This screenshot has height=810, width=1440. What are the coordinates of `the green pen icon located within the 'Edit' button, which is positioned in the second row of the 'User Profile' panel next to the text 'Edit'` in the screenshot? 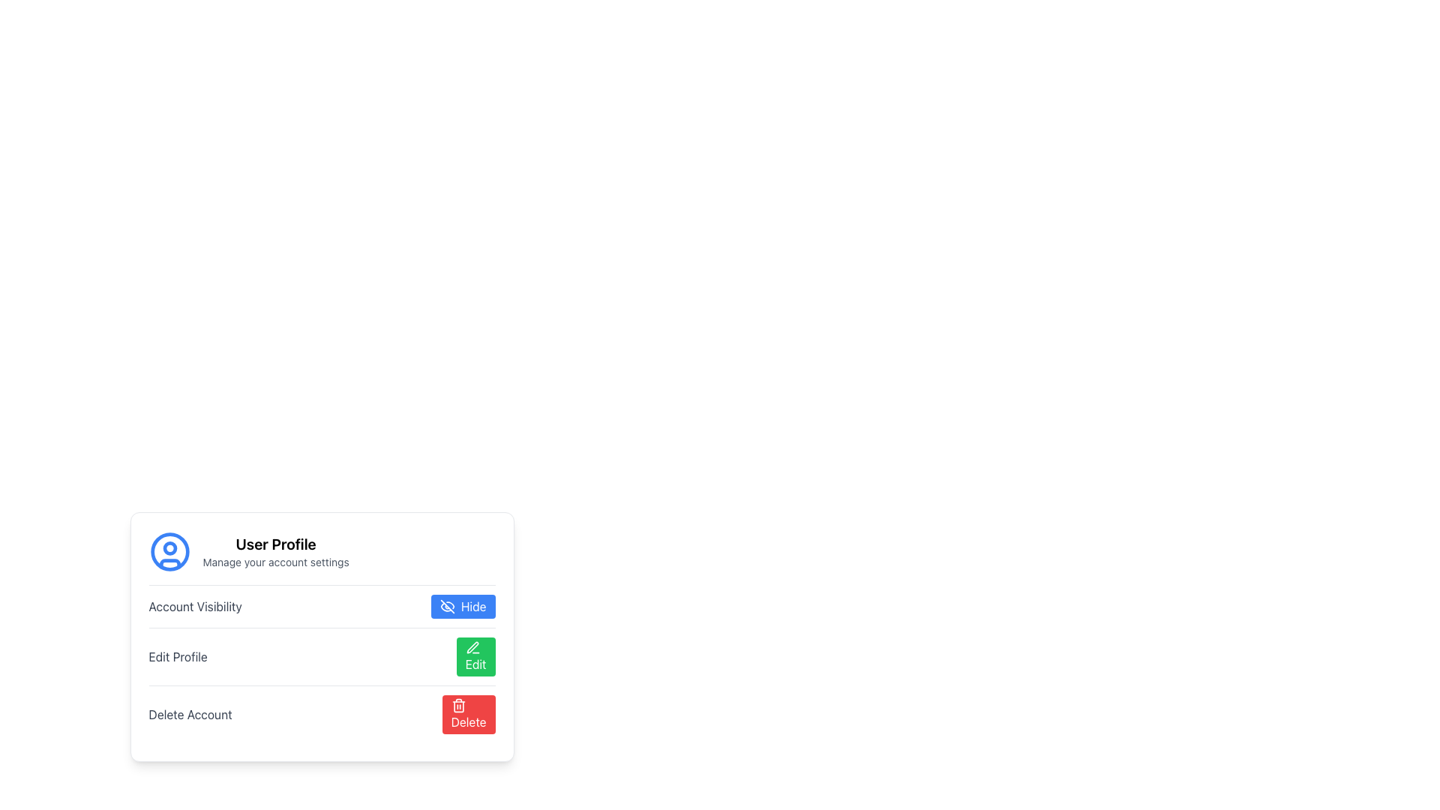 It's located at (472, 647).